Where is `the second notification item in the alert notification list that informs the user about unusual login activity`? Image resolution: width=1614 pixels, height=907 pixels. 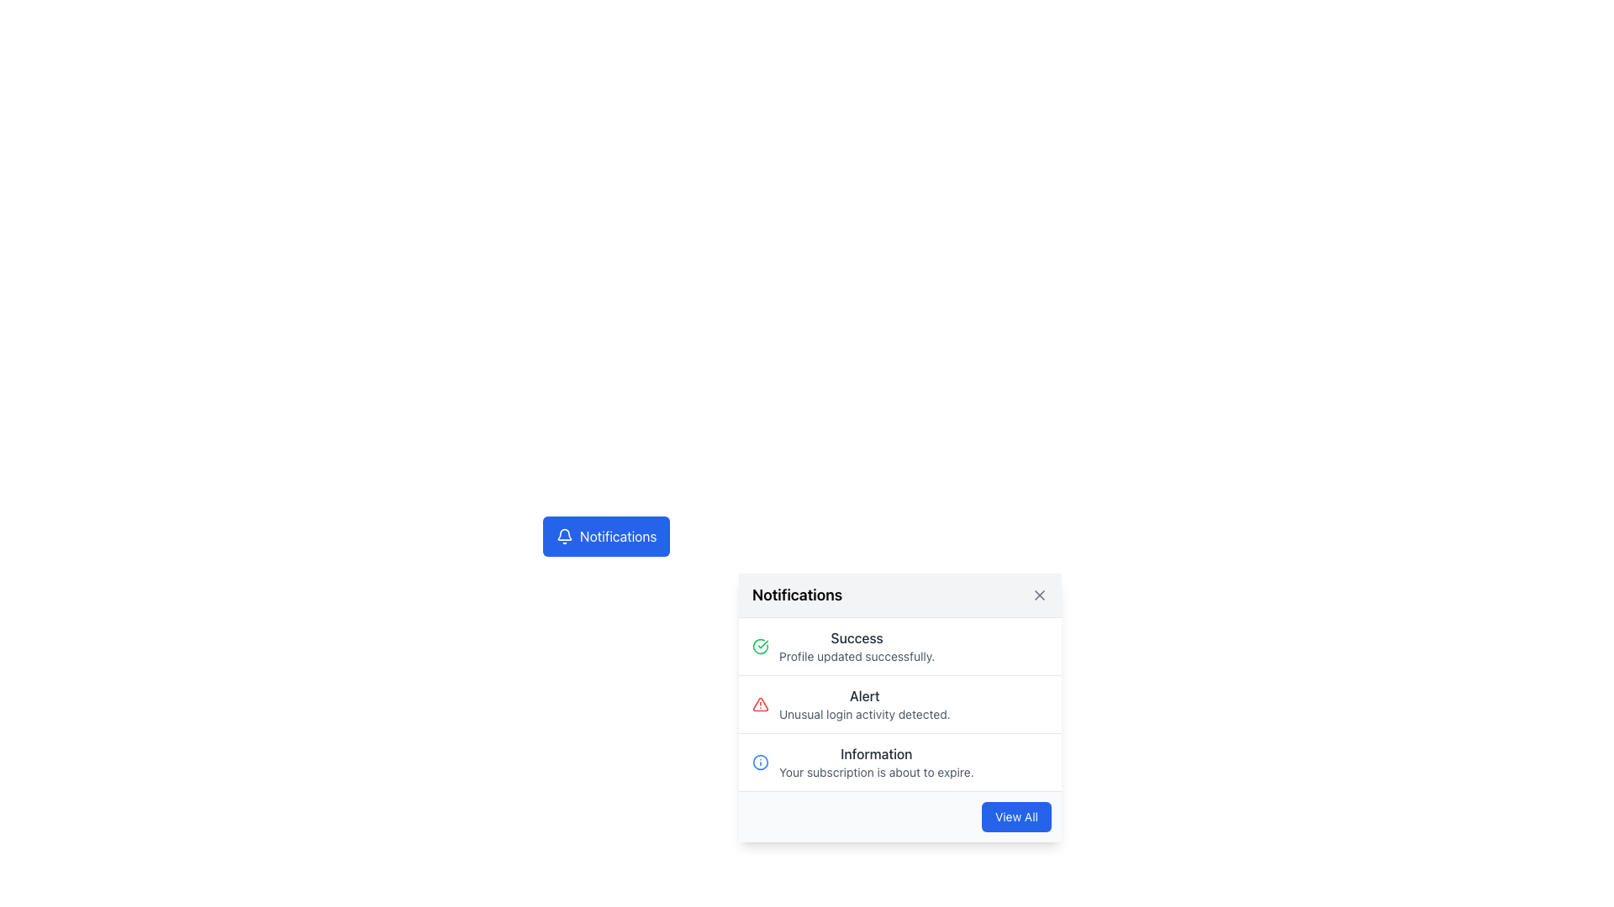
the second notification item in the alert notification list that informs the user about unusual login activity is located at coordinates (899, 704).